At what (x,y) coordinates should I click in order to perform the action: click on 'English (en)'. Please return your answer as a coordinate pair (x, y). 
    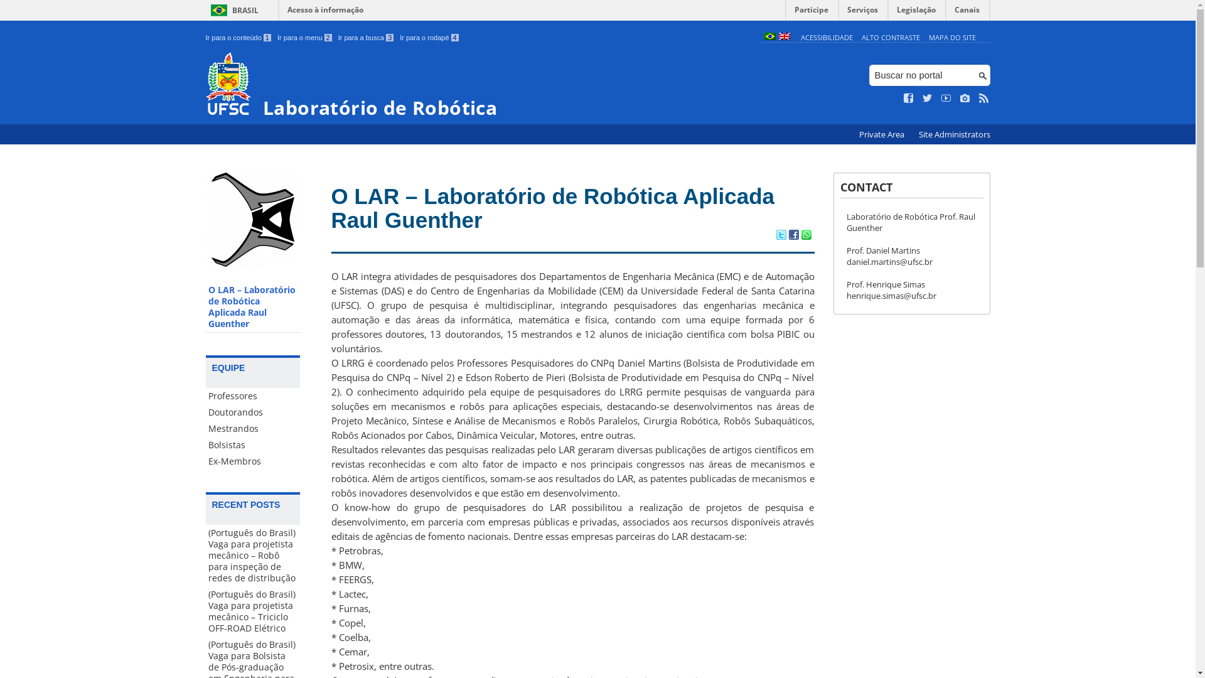
    Looking at the image, I should click on (777, 36).